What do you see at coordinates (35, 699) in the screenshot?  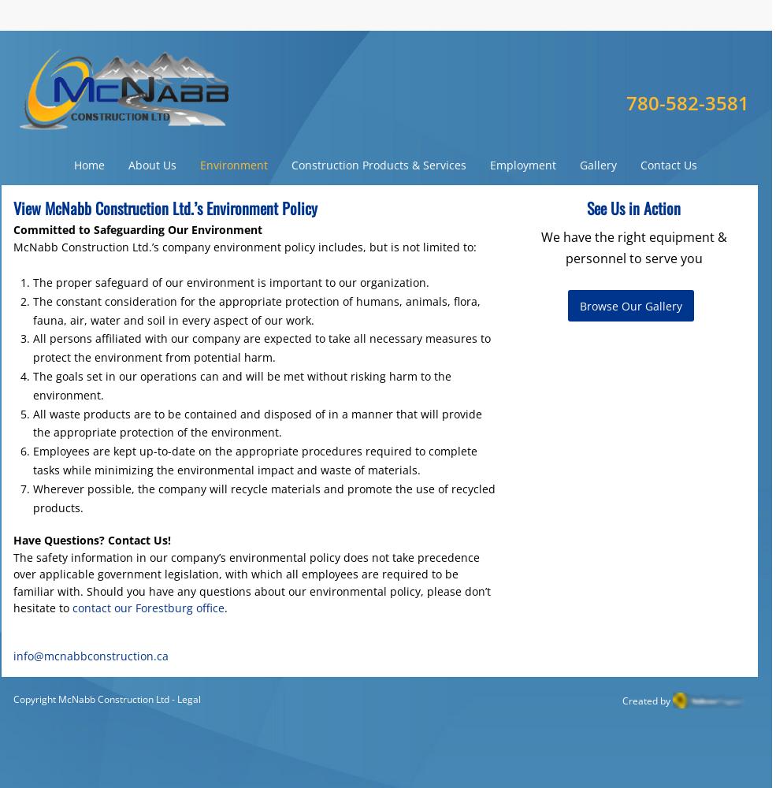 I see `'Copyright'` at bounding box center [35, 699].